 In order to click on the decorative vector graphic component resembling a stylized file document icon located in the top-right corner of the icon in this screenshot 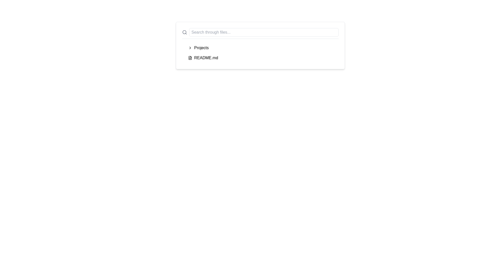, I will do `click(190, 58)`.